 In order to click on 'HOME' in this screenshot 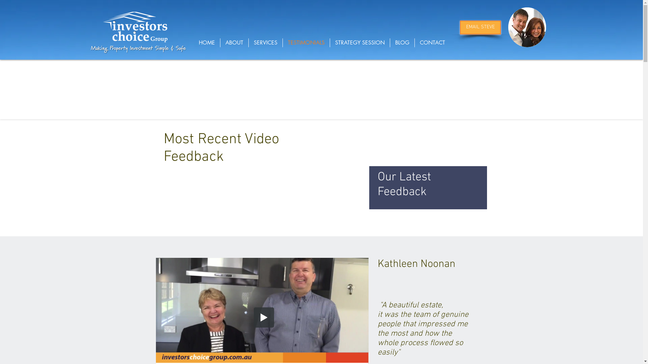, I will do `click(207, 43)`.